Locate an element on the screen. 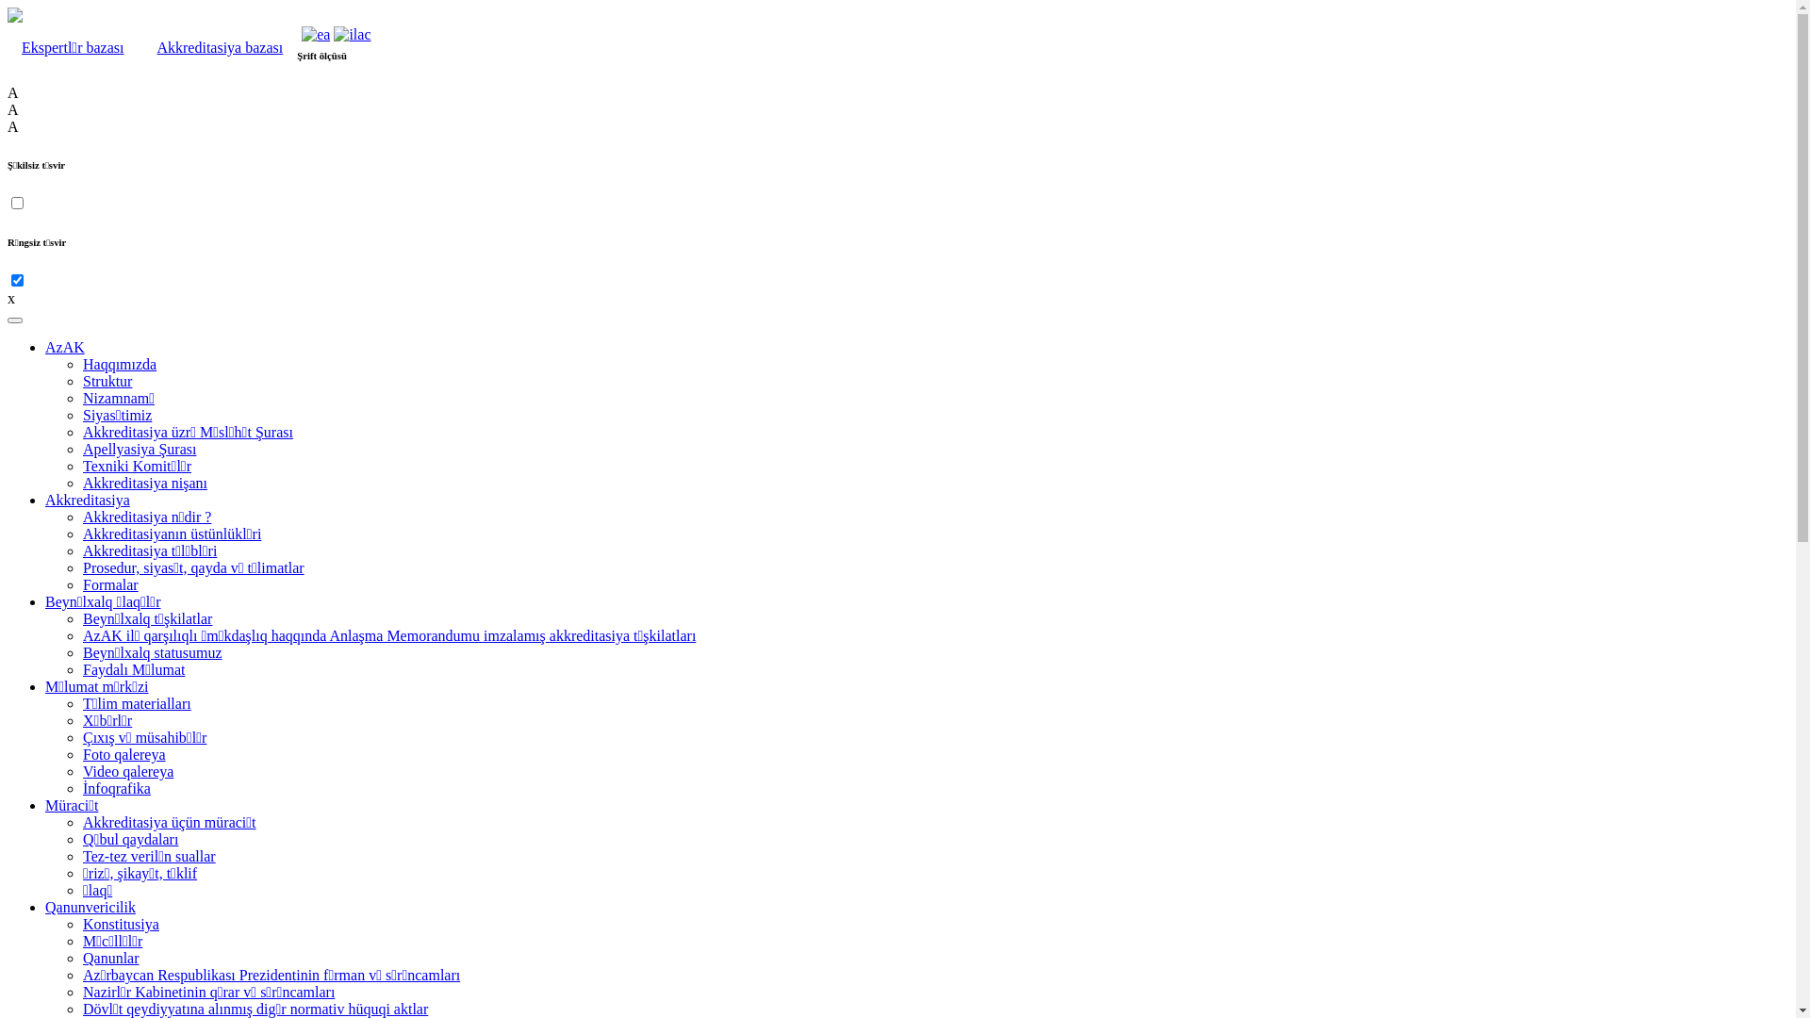 Image resolution: width=1810 pixels, height=1018 pixels. 'AzAK' is located at coordinates (45, 347).